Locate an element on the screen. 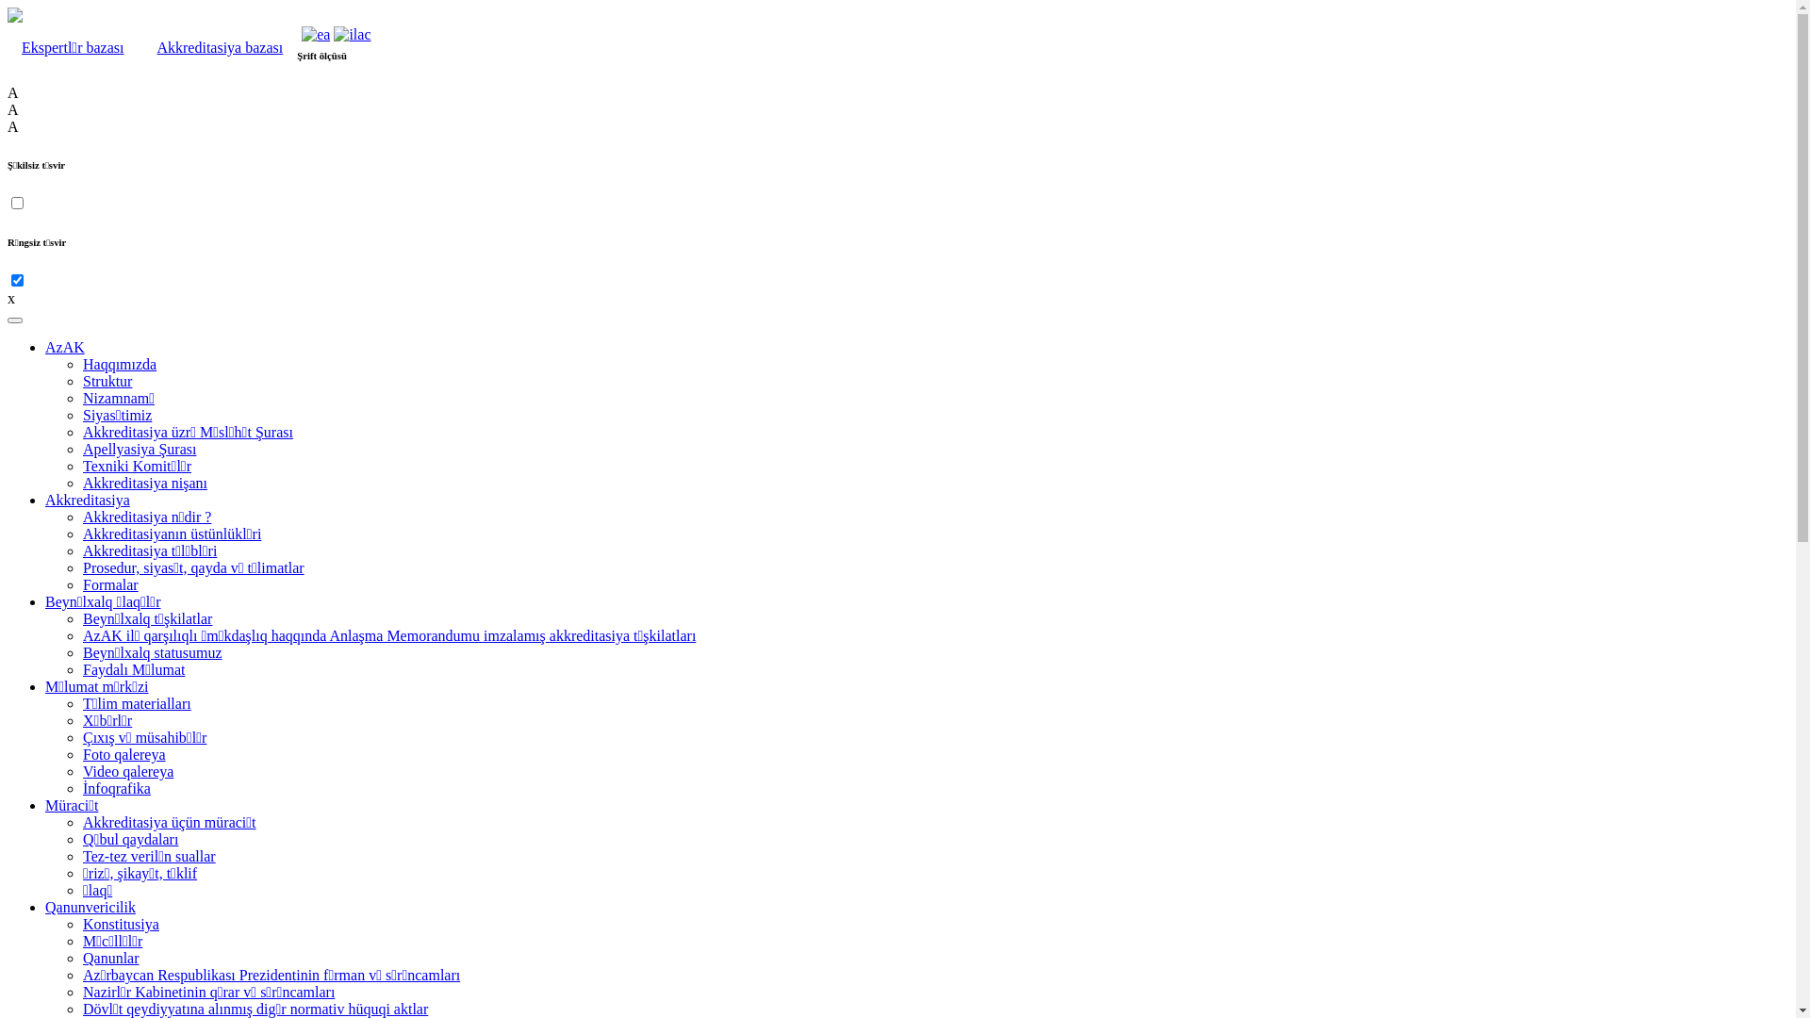 Image resolution: width=1810 pixels, height=1018 pixels. 'AzAK' is located at coordinates (45, 347).